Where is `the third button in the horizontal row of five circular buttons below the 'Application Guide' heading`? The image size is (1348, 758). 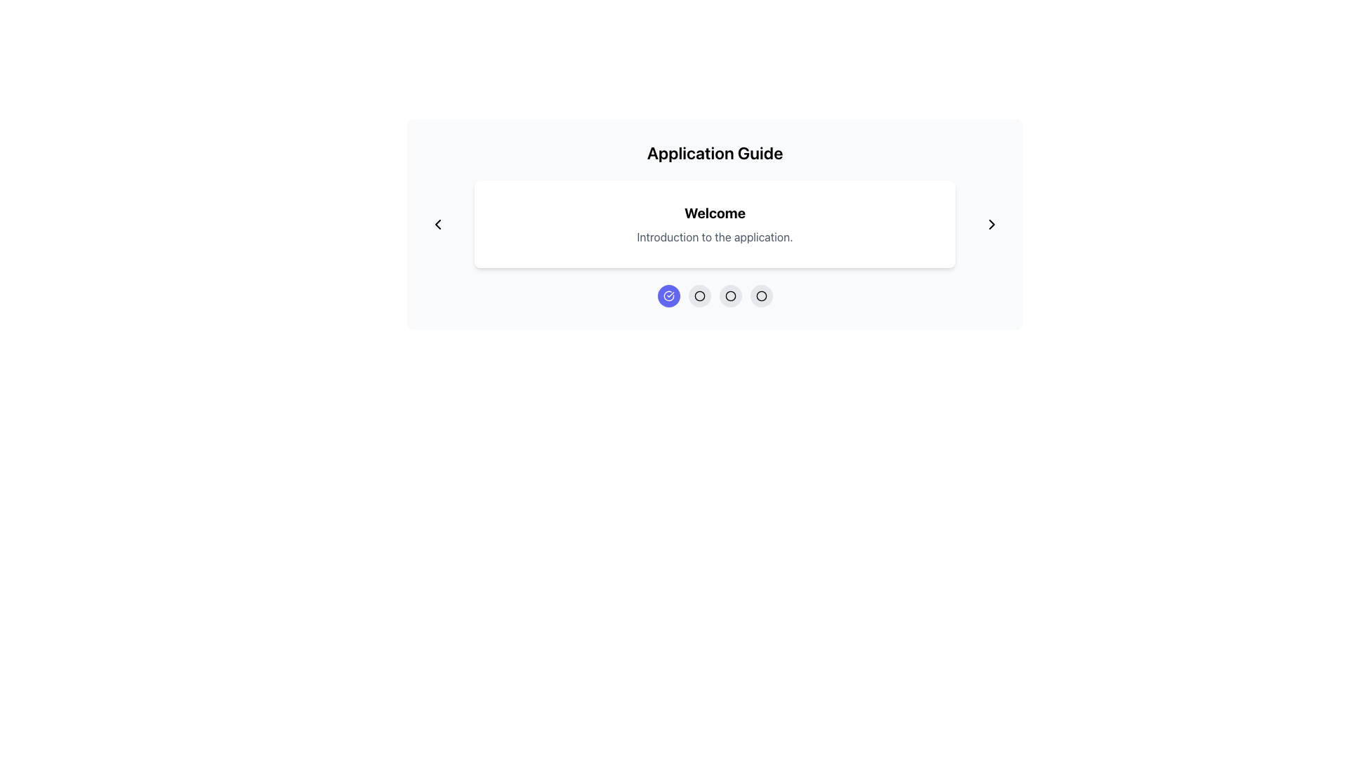 the third button in the horizontal row of five circular buttons below the 'Application Guide' heading is located at coordinates (730, 295).